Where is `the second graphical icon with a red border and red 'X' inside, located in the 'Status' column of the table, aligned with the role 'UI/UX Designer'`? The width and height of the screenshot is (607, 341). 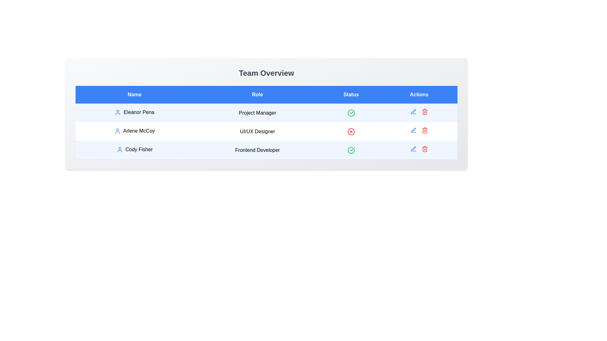
the second graphical icon with a red border and red 'X' inside, located in the 'Status' column of the table, aligned with the role 'UI/UX Designer' is located at coordinates (351, 131).